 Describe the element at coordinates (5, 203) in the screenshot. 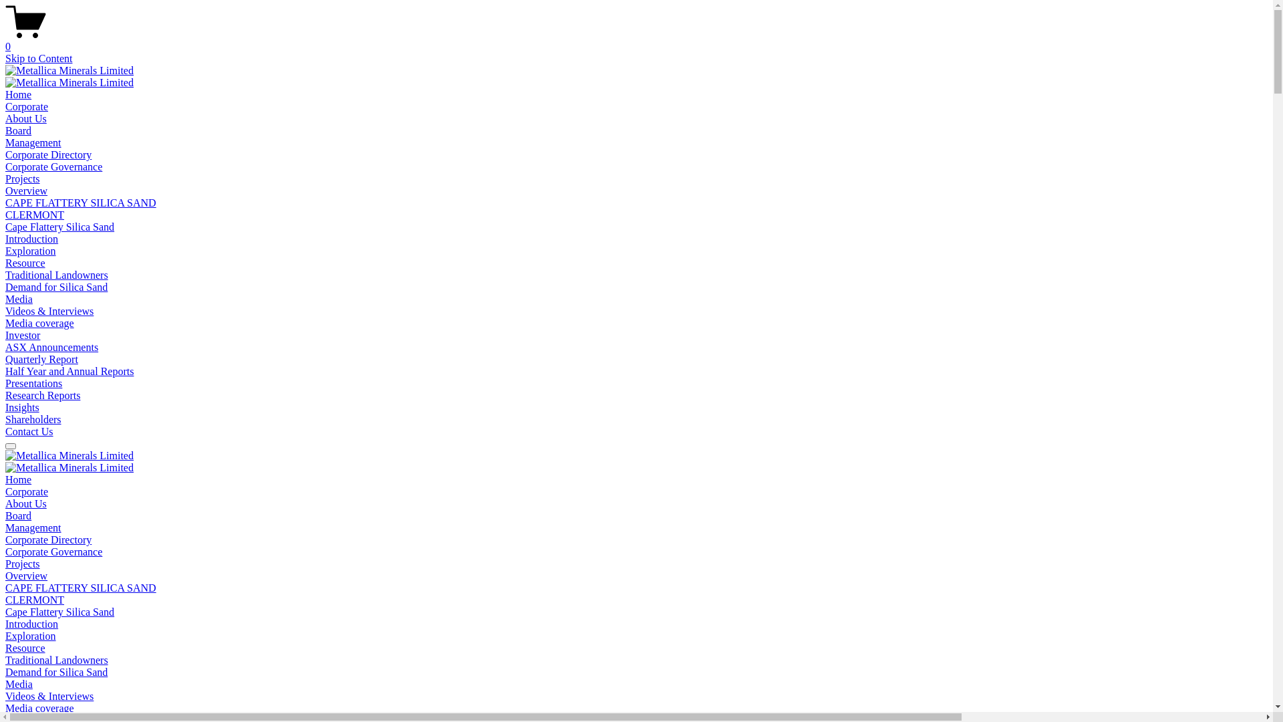

I see `'CAPE FLATTERY SILICA SAND'` at that location.